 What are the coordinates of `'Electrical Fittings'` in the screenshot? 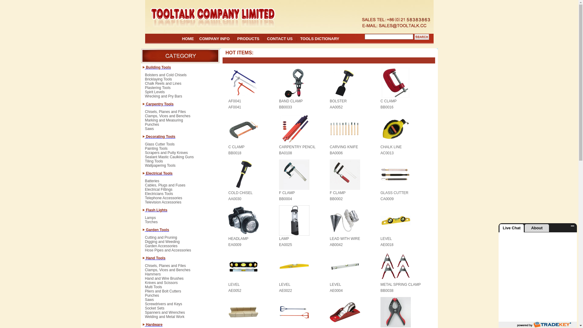 It's located at (144, 192).